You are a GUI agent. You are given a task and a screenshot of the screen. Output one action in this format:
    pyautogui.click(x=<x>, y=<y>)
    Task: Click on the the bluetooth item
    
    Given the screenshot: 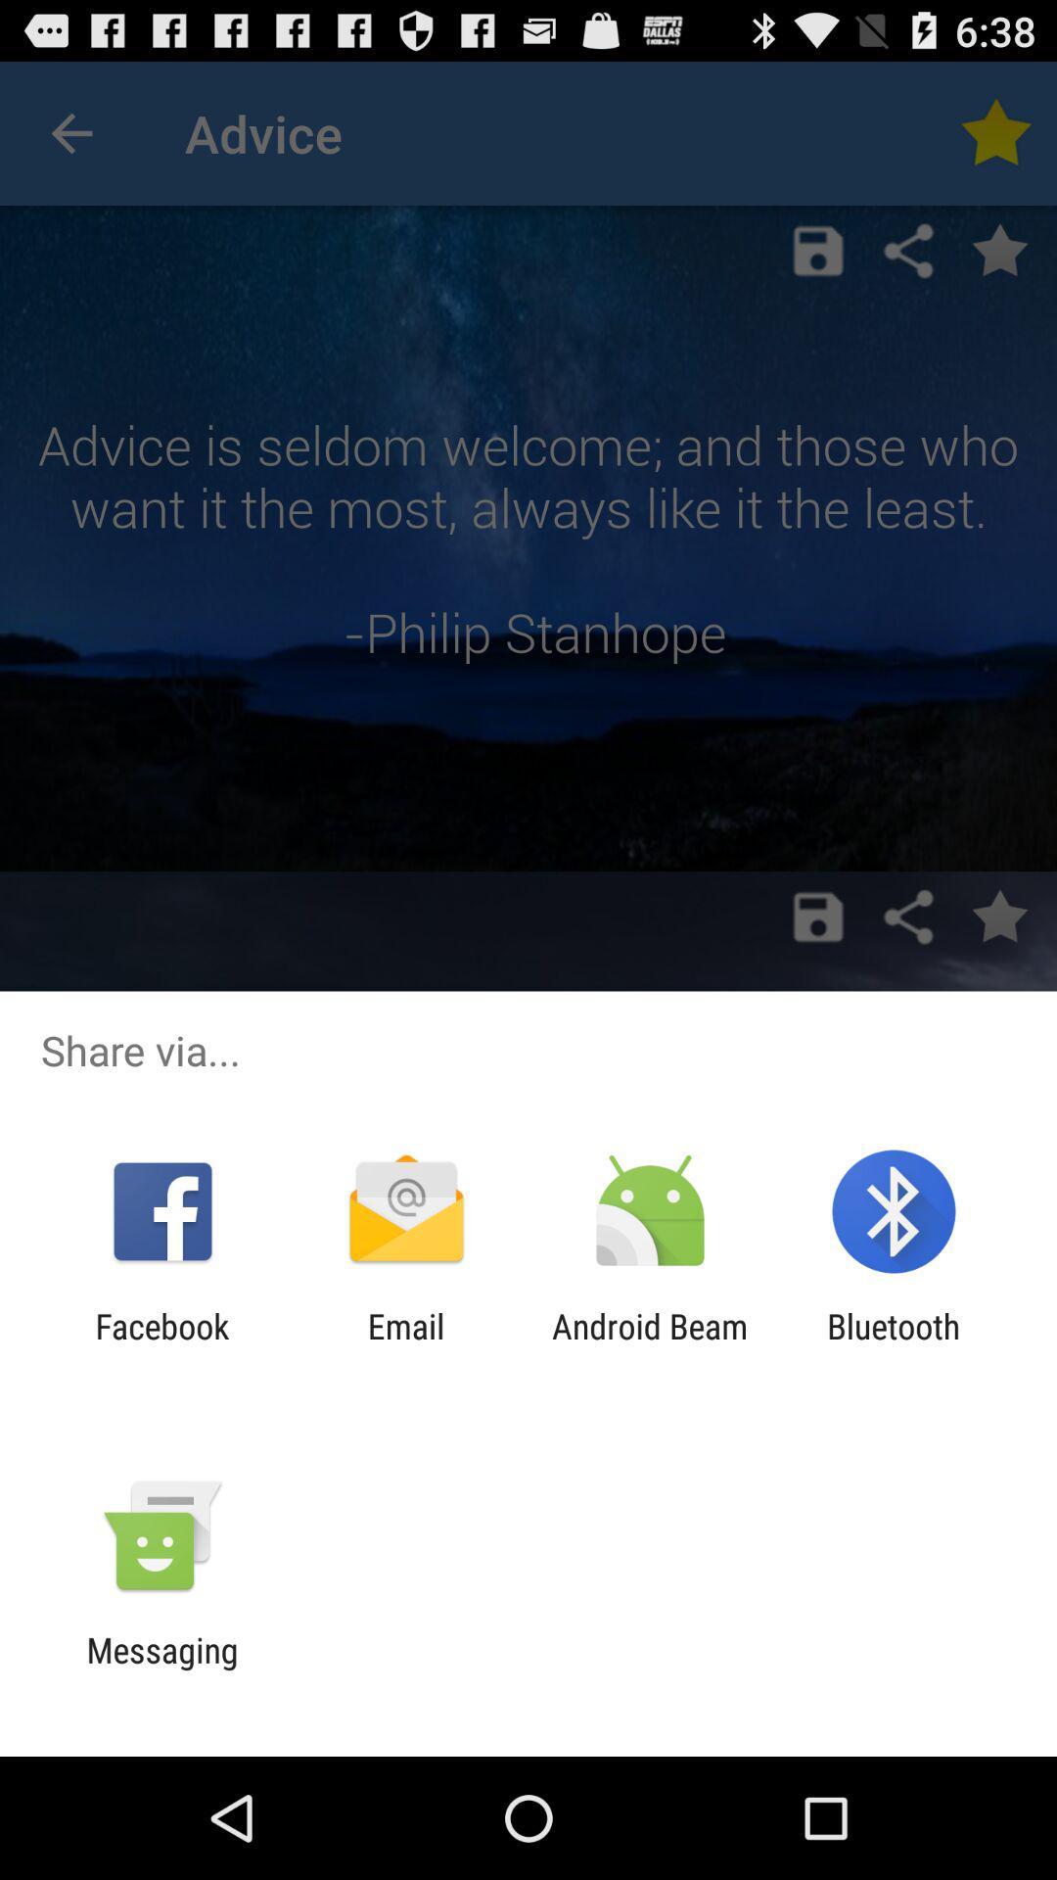 What is the action you would take?
    pyautogui.click(x=894, y=1345)
    